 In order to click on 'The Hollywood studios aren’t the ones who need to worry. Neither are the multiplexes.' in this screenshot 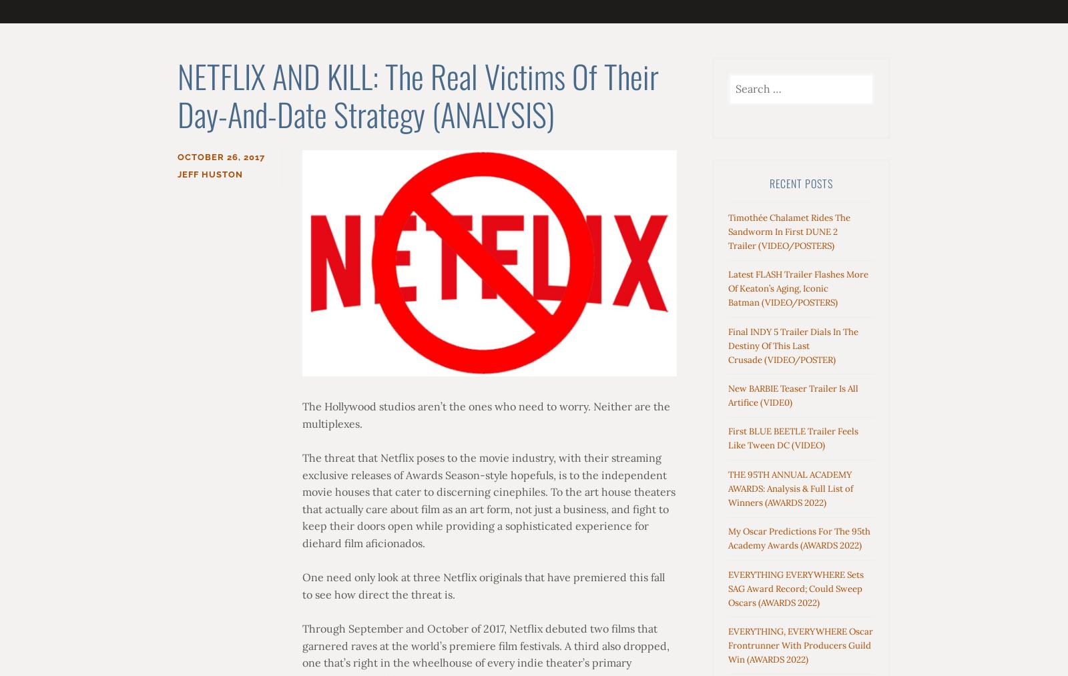, I will do `click(300, 414)`.